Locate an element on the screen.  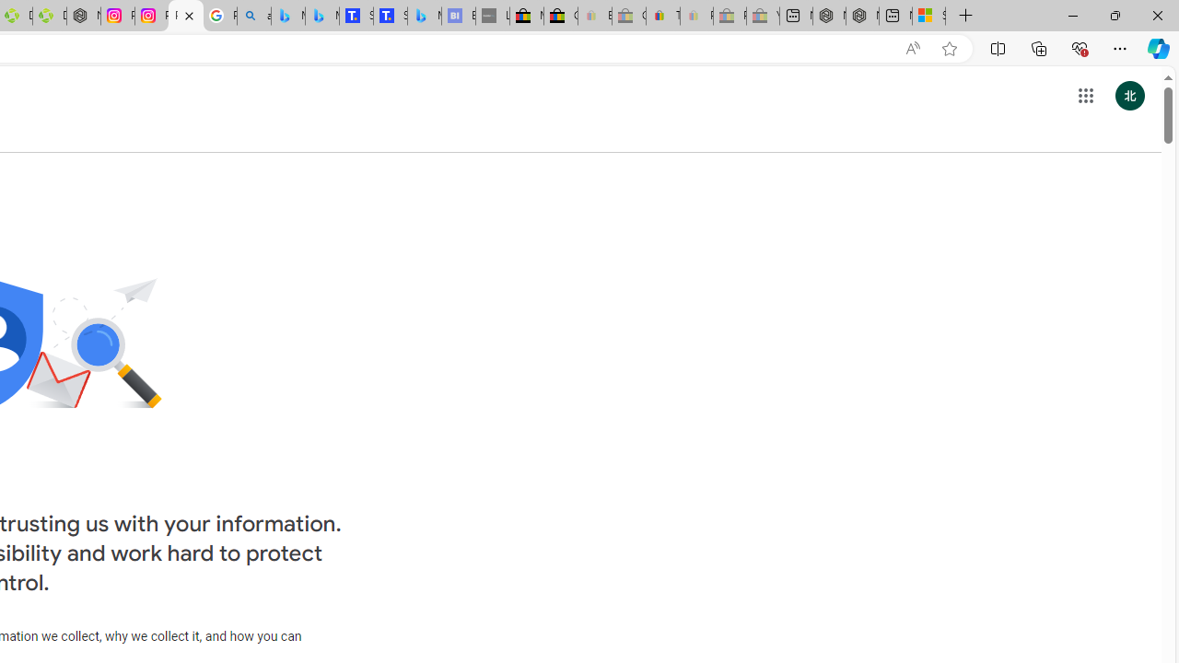
'Google apps' is located at coordinates (1085, 96).